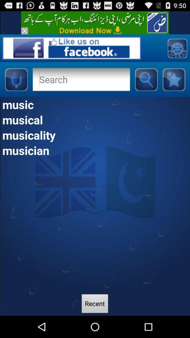  I want to click on advertisement, so click(95, 23).